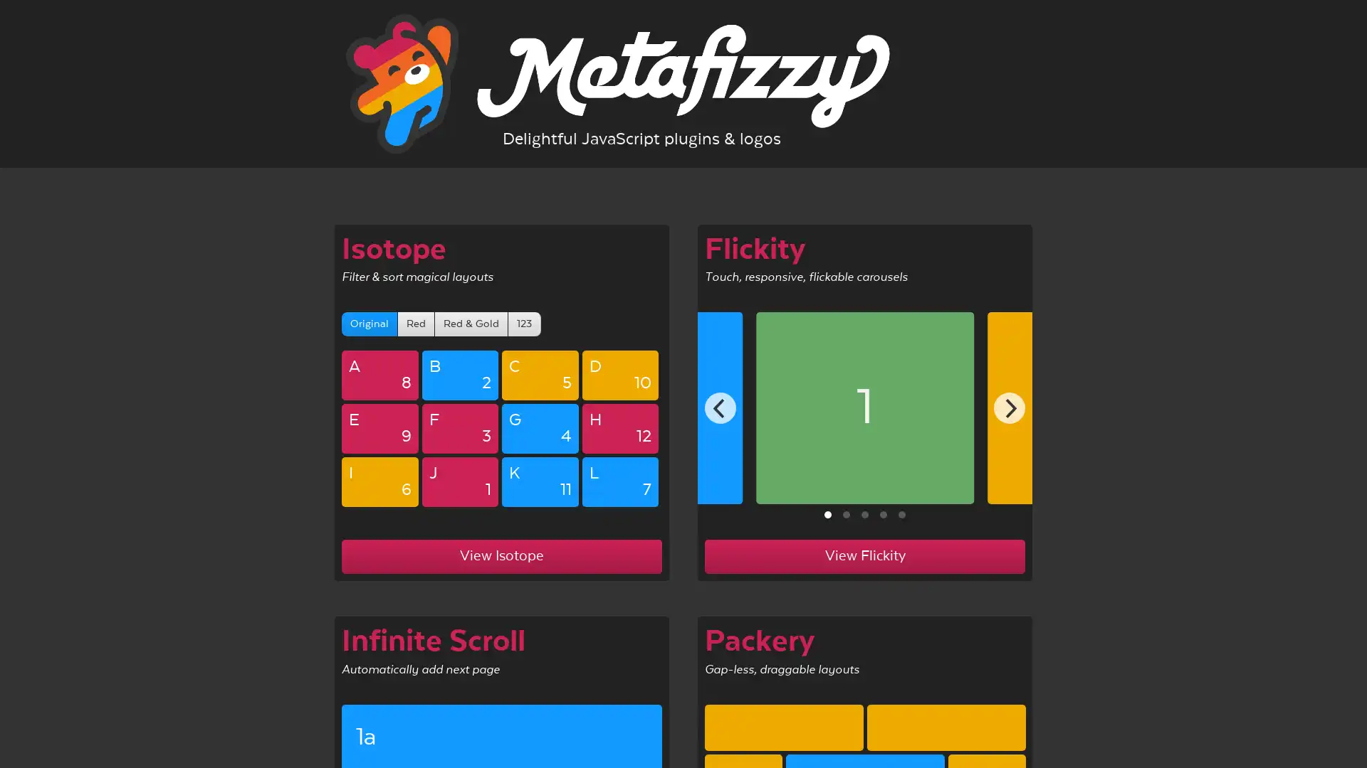  I want to click on Next, so click(1008, 408).